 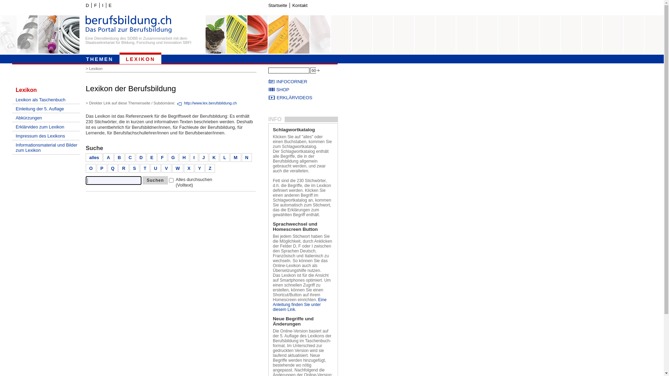 I want to click on 'I', so click(x=194, y=157).